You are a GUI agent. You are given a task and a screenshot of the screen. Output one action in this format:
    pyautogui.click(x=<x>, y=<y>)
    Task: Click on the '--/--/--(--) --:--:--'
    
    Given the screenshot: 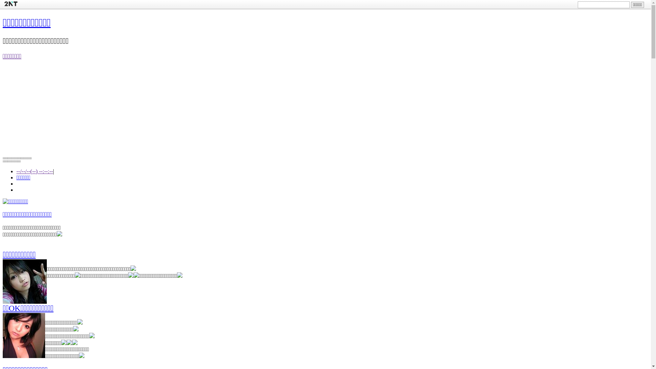 What is the action you would take?
    pyautogui.click(x=34, y=170)
    